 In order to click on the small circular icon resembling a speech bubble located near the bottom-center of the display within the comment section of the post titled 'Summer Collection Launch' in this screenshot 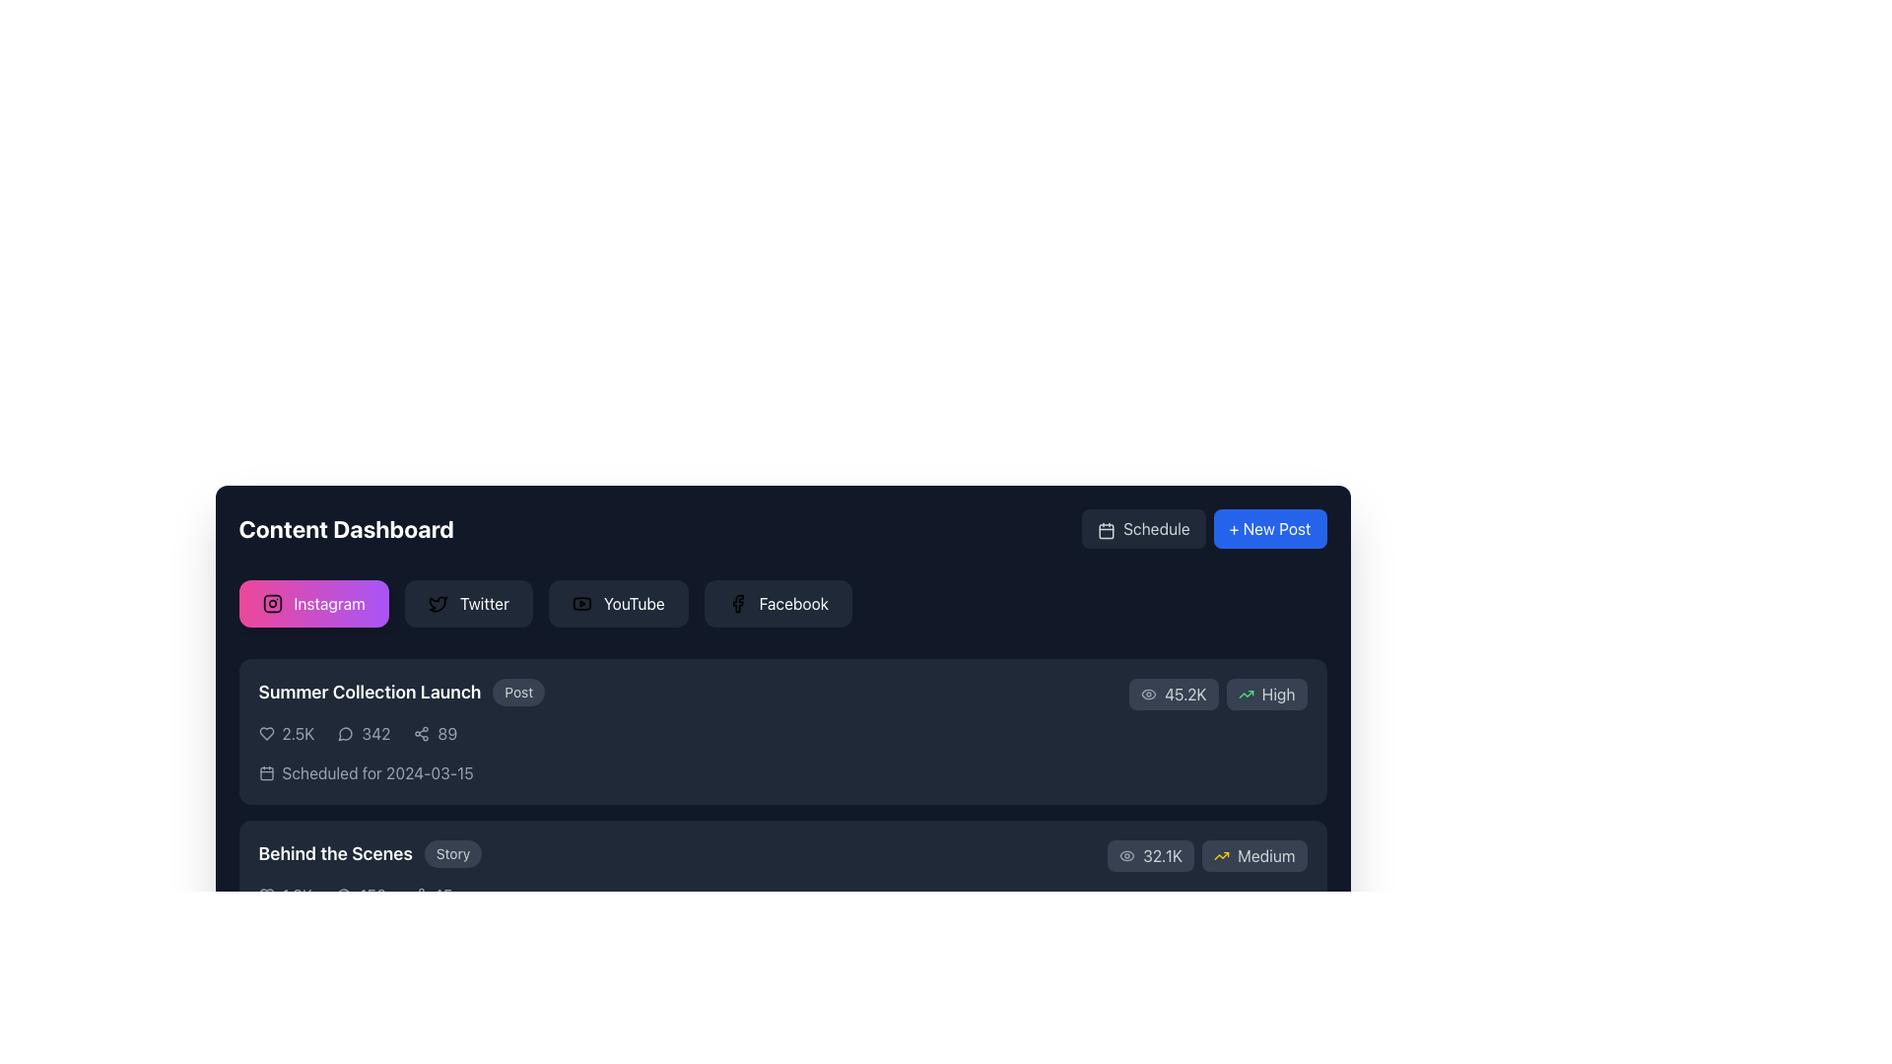, I will do `click(345, 1056)`.